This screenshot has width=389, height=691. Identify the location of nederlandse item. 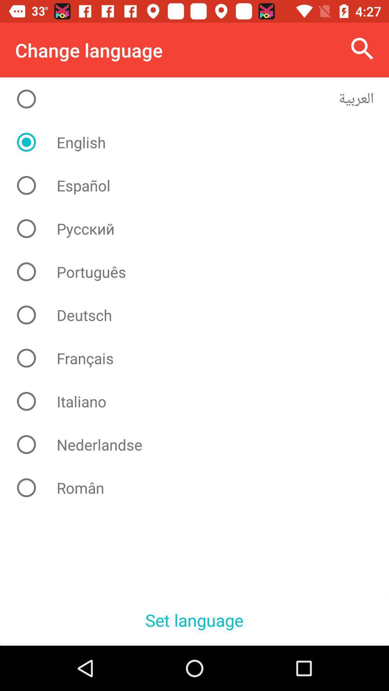
(200, 444).